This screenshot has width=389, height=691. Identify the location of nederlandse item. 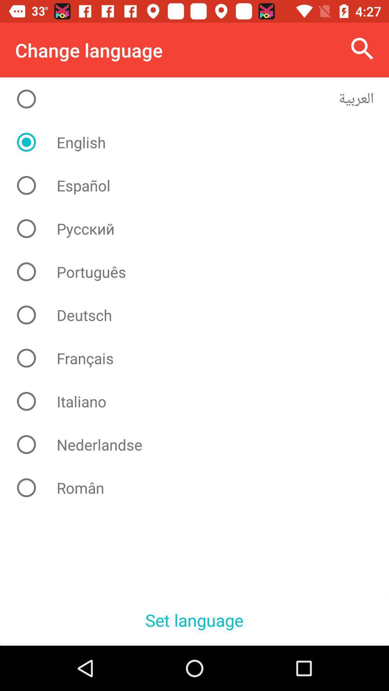
(200, 444).